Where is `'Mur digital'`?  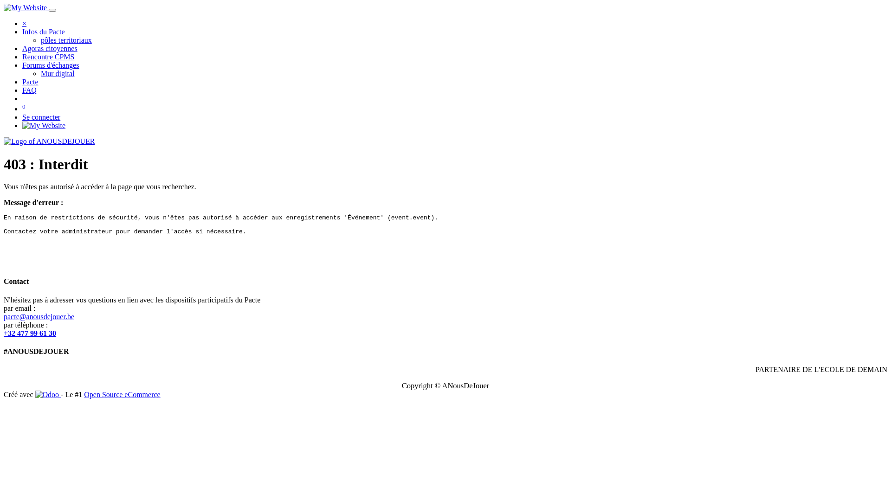 'Mur digital' is located at coordinates (57, 73).